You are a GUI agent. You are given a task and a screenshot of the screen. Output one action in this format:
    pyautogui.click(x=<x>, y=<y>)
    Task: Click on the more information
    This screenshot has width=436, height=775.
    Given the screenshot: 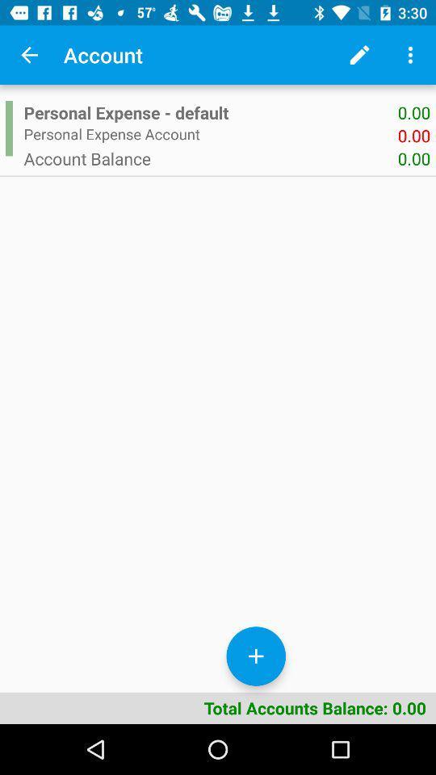 What is the action you would take?
    pyautogui.click(x=410, y=55)
    